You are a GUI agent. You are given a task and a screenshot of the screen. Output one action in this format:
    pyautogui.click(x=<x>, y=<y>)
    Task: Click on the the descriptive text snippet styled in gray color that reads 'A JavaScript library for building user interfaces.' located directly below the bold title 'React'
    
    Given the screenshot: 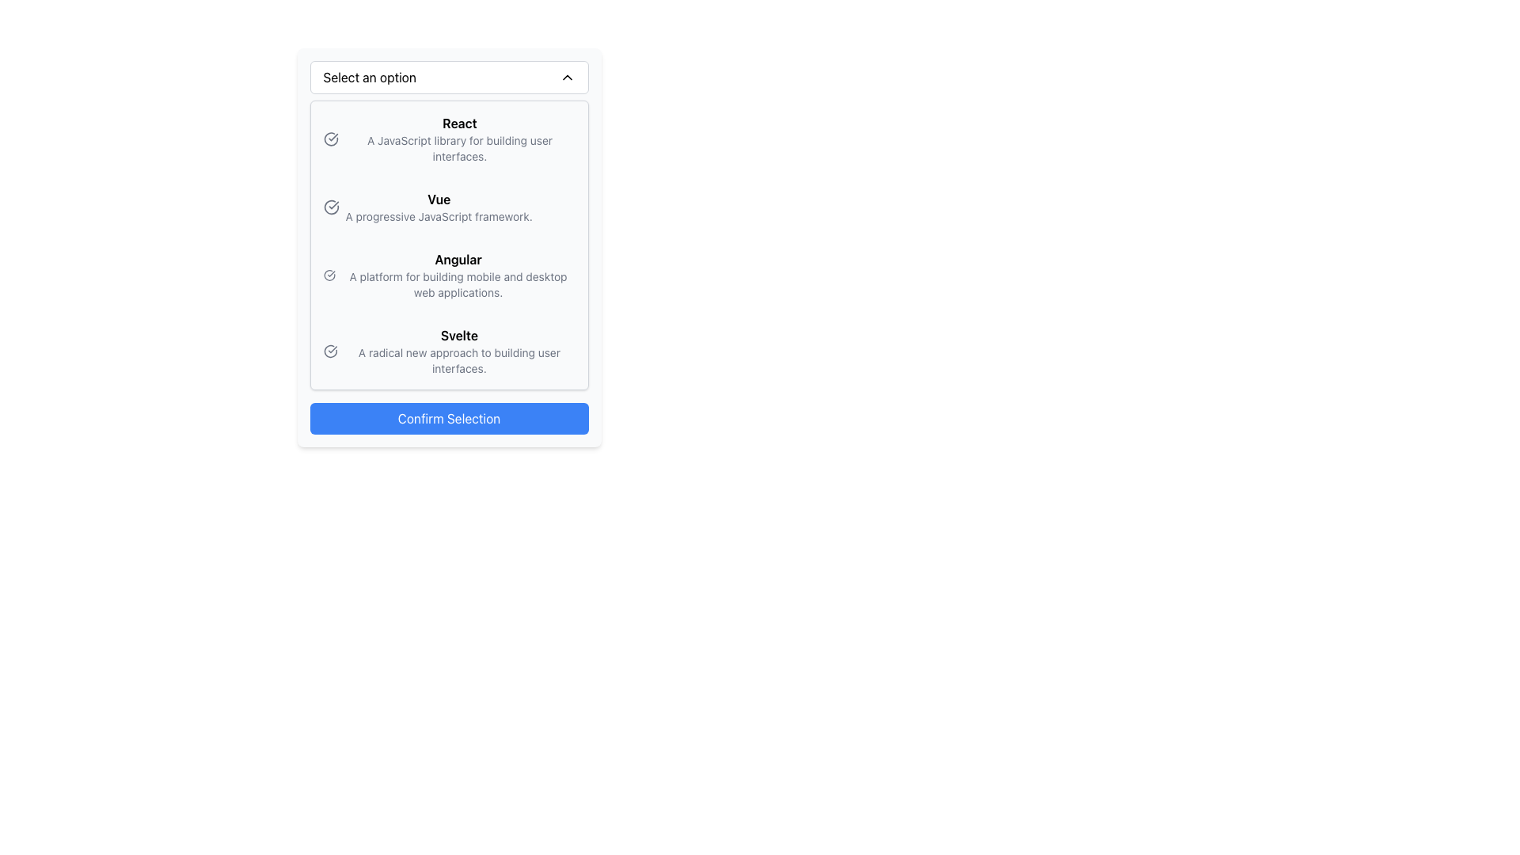 What is the action you would take?
    pyautogui.click(x=458, y=149)
    